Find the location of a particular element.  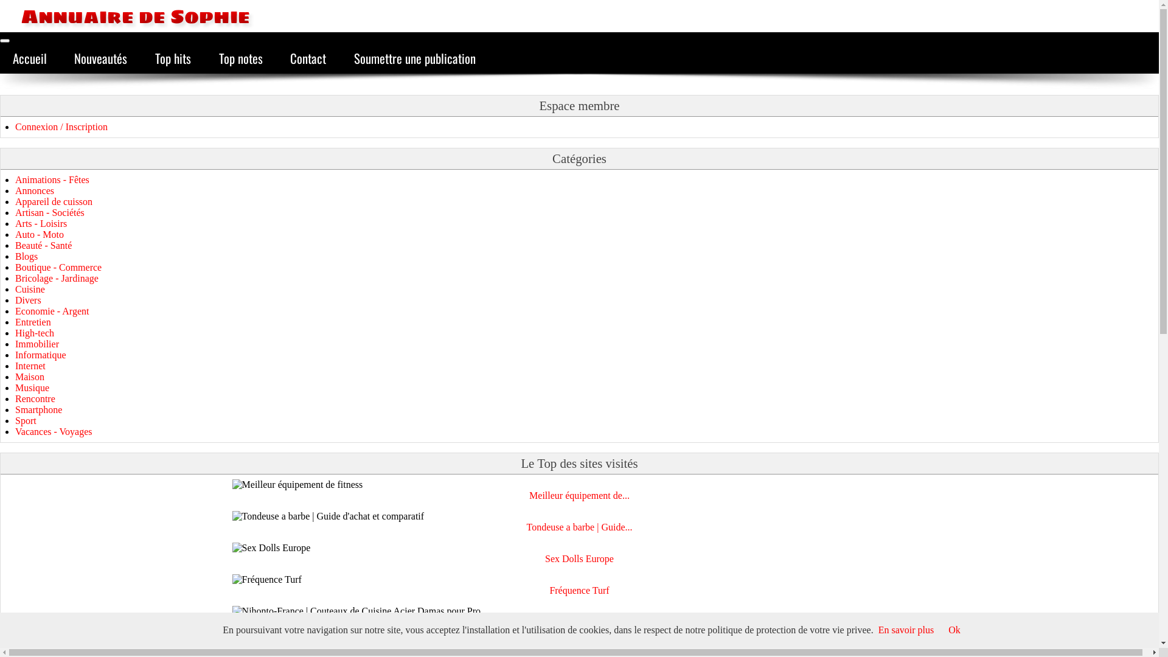

'Connexion / Inscription' is located at coordinates (15, 127).